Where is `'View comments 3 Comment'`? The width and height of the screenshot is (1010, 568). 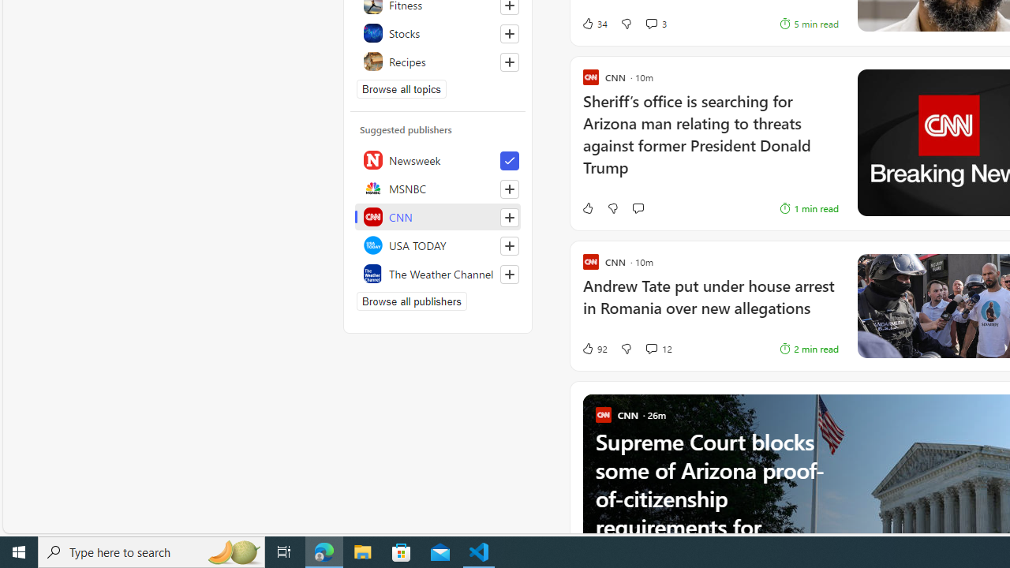
'View comments 3 Comment' is located at coordinates (651, 24).